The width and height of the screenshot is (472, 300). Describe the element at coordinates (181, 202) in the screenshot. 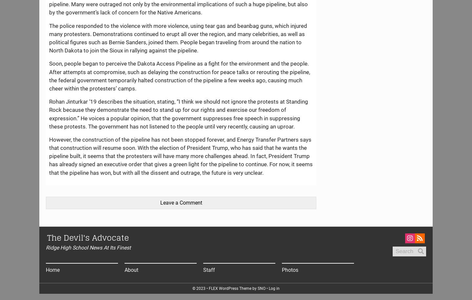

I see `'Leave a Comment'` at that location.